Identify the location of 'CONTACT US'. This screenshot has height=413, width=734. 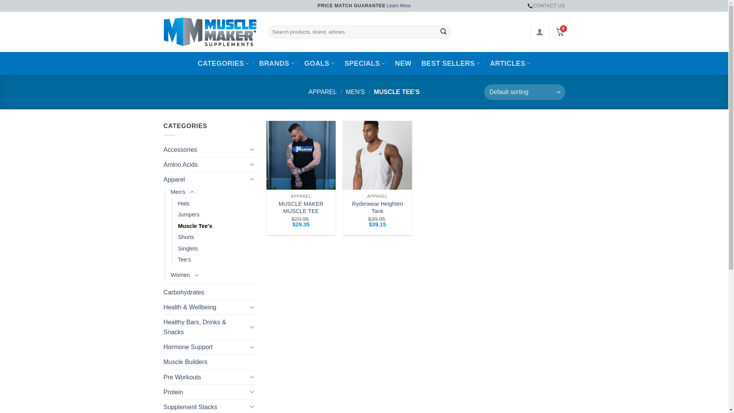
(546, 6).